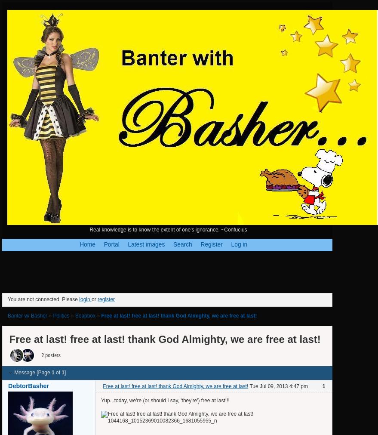 Image resolution: width=378 pixels, height=435 pixels. I want to click on 'Home', so click(87, 244).